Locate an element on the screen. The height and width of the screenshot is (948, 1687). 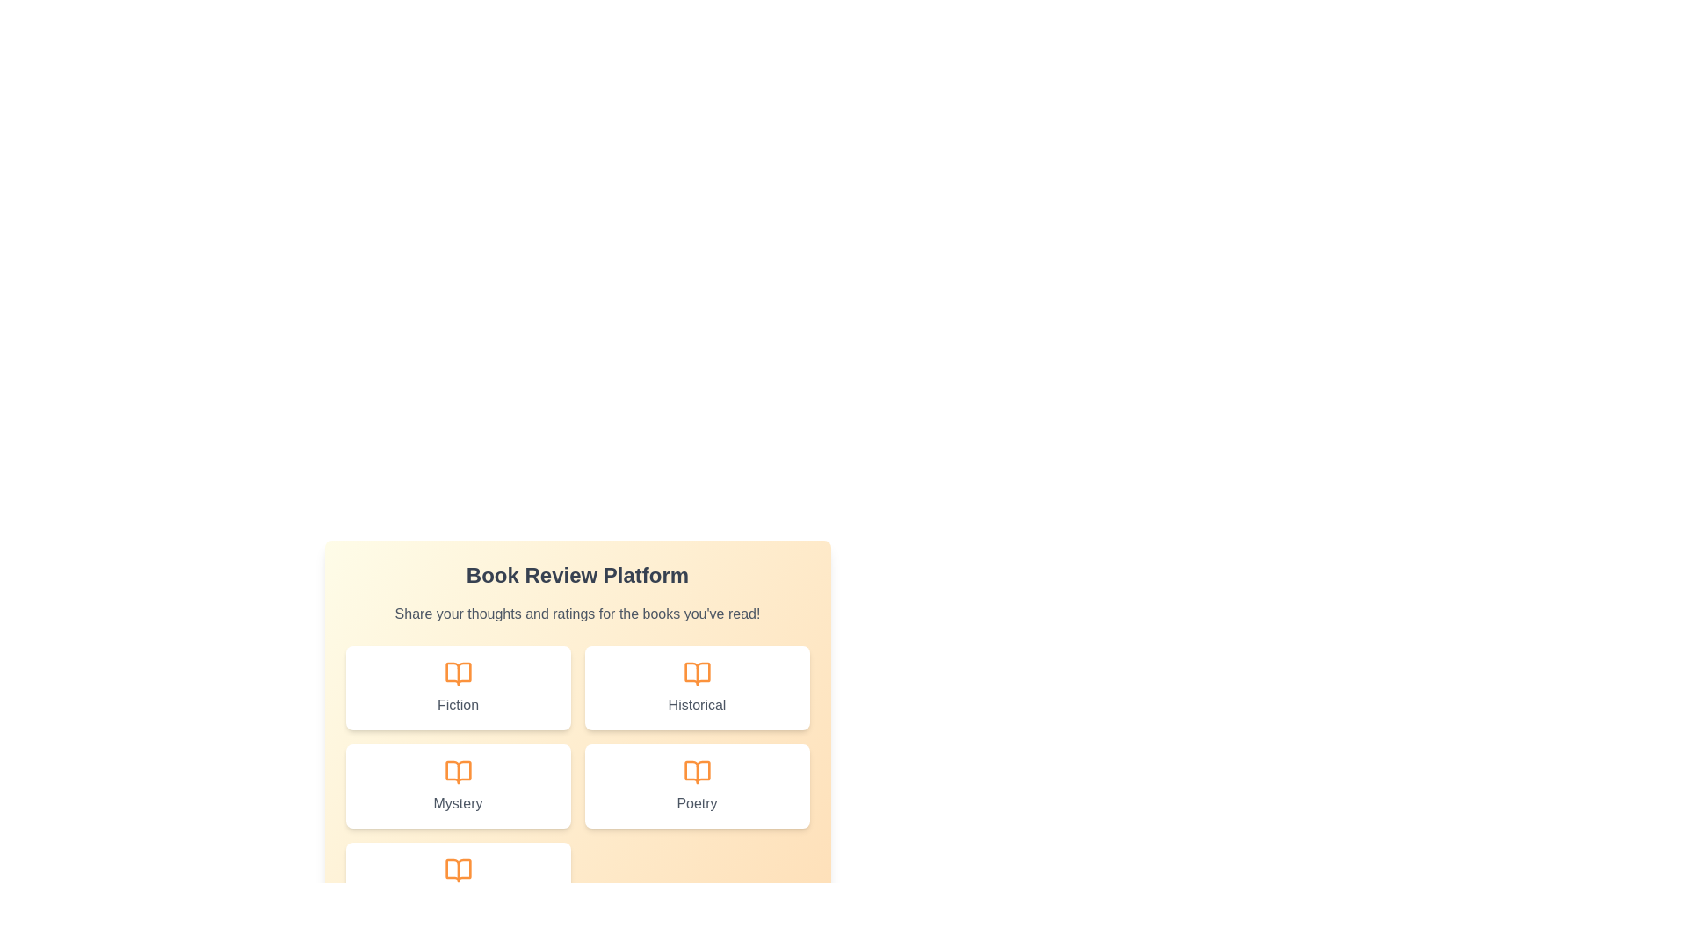
the Icon Button that resembles an open book, which is located in the lower section of the interface below the categories 'Fiction', 'Historical', 'Mystery', and 'Poetry' is located at coordinates (458, 870).